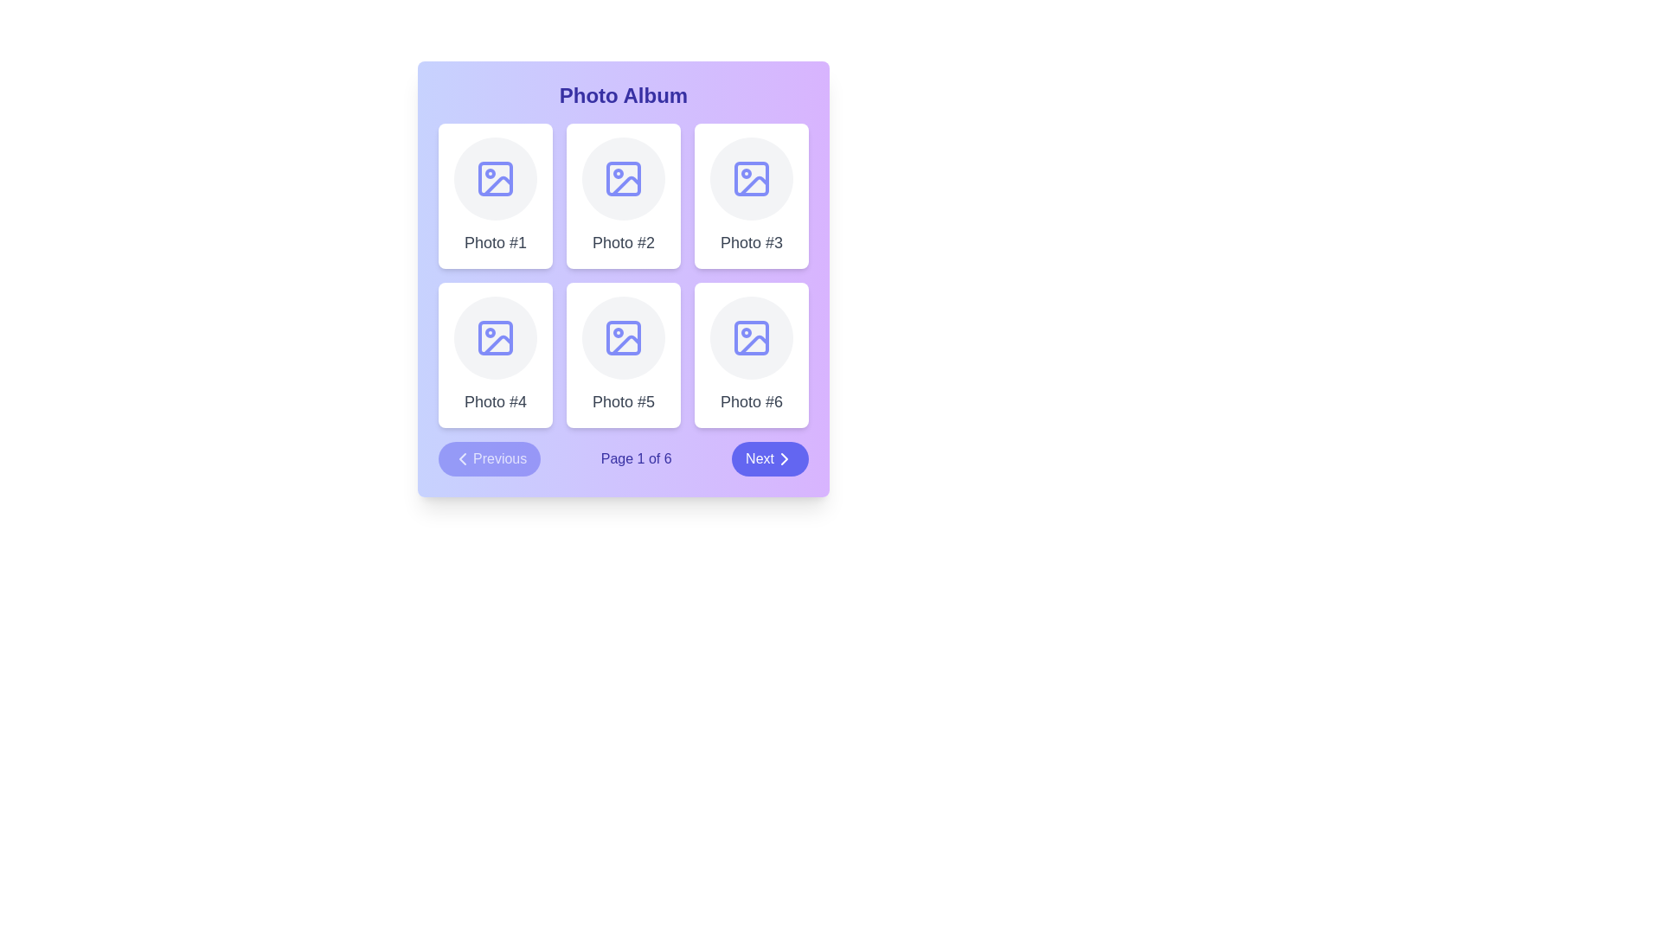 The height and width of the screenshot is (934, 1661). I want to click on the circular image placeholder with a gray background and indigo outline, labeled 'Photo #2', located at the top-center of the grid, so click(623, 179).